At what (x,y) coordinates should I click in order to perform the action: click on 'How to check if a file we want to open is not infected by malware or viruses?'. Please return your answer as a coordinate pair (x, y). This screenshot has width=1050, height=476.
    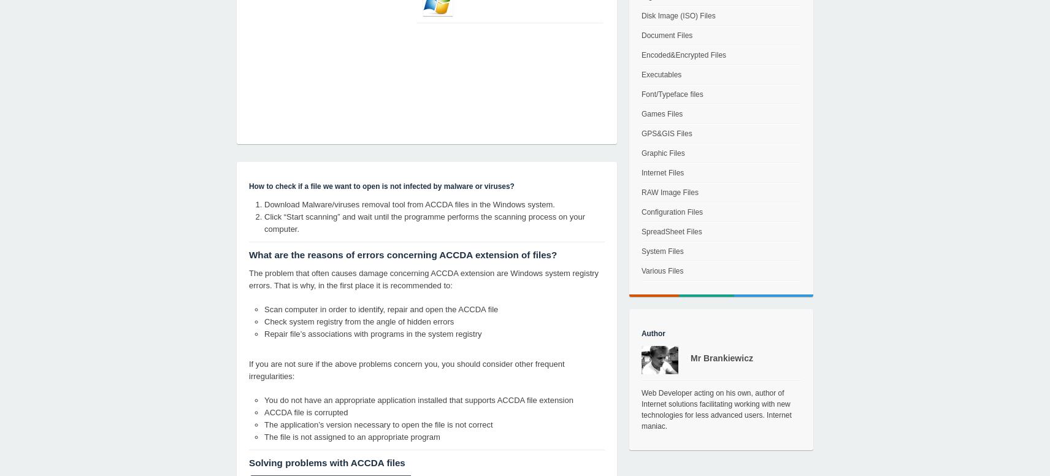
    Looking at the image, I should click on (248, 186).